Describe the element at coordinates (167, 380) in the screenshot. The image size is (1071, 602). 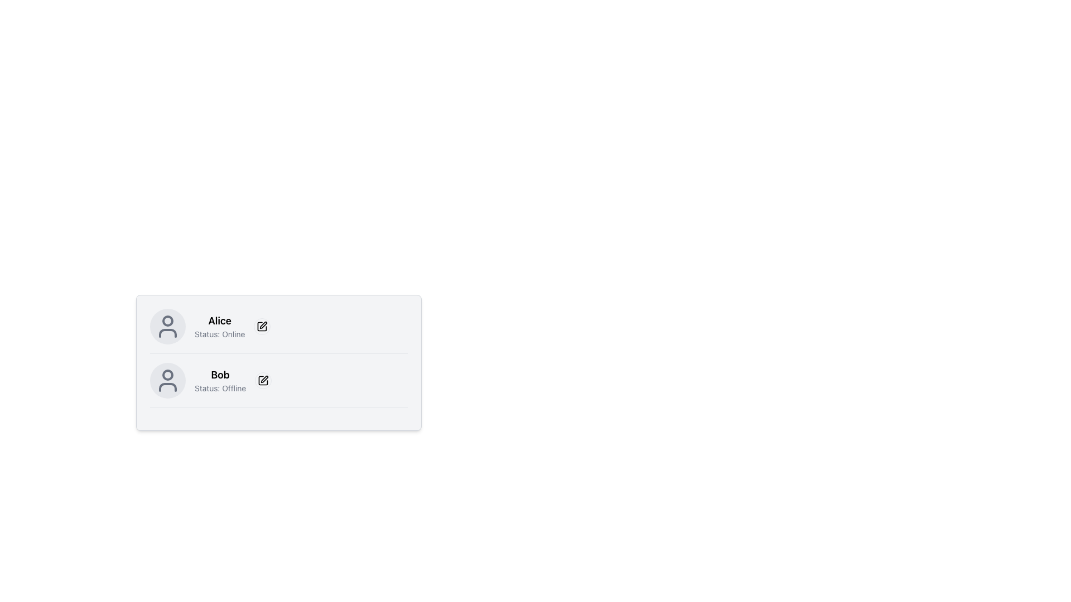
I see `the Decorative Icon representing 'Bob', which is a circular icon with a gray user silhouette, located next to the text 'Bob' and 'Status: Offline'` at that location.